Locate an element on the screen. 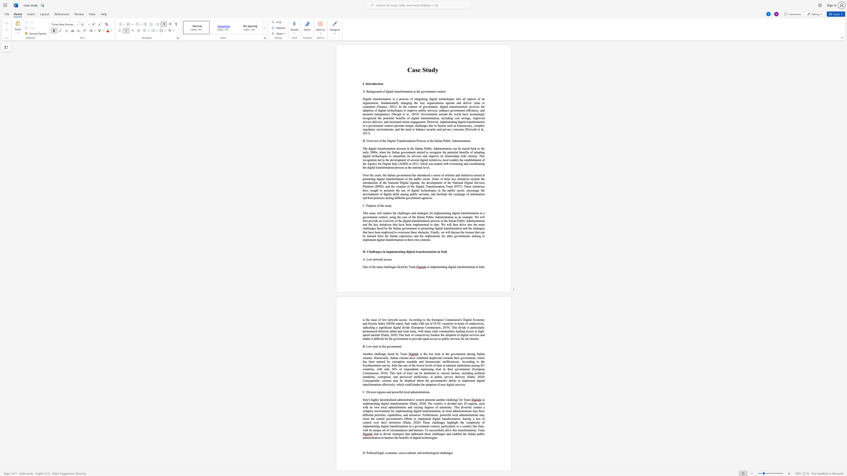 This screenshot has width=847, height=476. the subset text "ed to" within the text "tributed to" is located at coordinates (432, 373).